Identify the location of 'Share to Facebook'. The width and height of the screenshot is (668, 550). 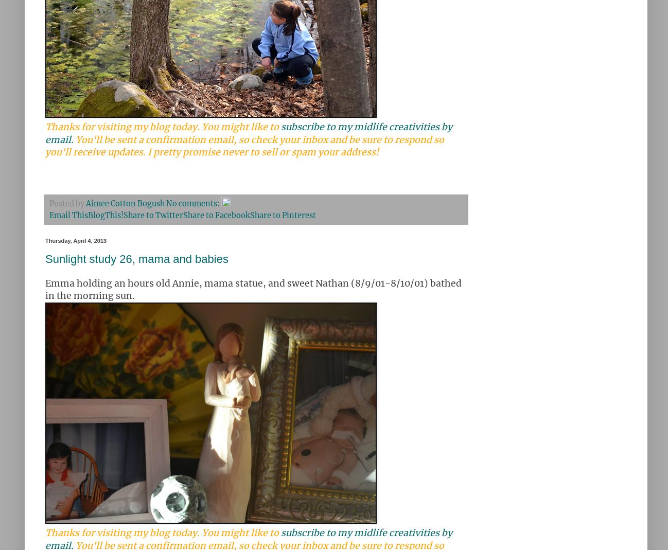
(183, 216).